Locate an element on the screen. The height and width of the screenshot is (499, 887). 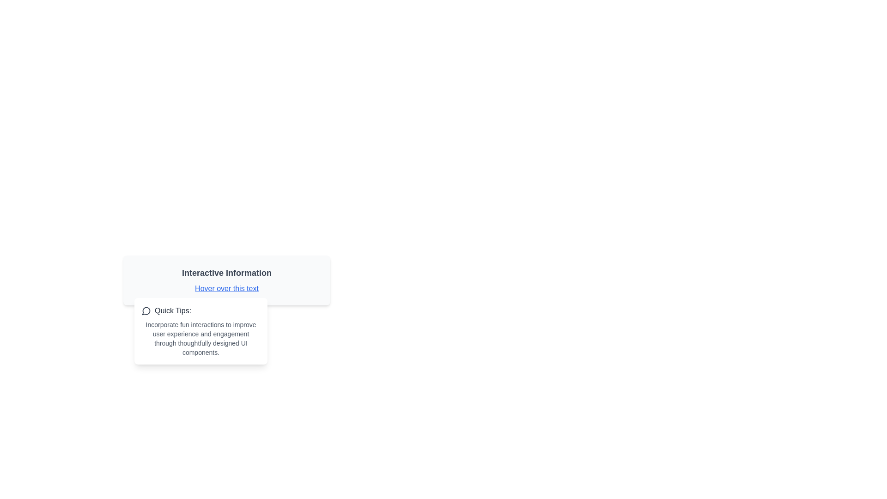
the text link located below the 'Interactive Information' header, which may display additional information or perform an action if it is clickable is located at coordinates (226, 288).